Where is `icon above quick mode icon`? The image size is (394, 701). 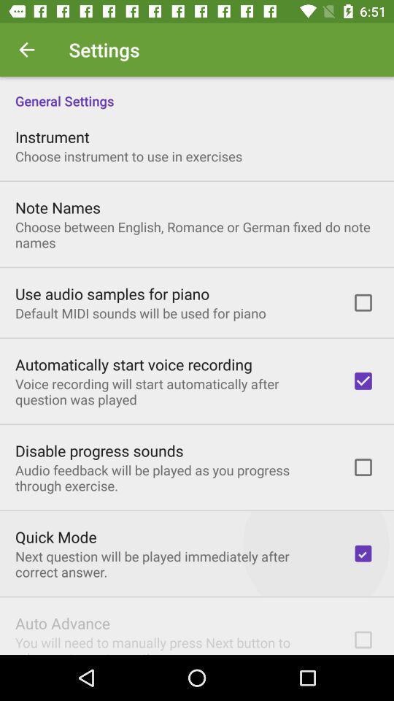 icon above quick mode icon is located at coordinates (174, 477).